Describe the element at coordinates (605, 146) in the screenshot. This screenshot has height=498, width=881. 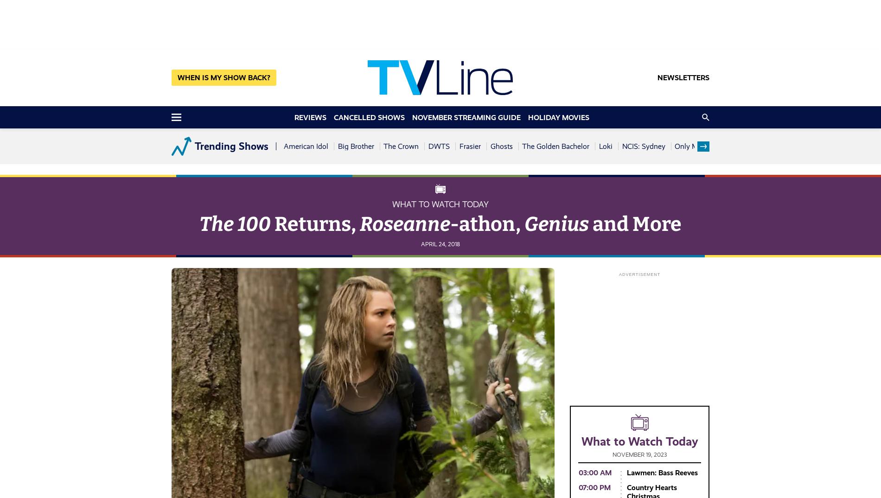
I see `'Loki'` at that location.